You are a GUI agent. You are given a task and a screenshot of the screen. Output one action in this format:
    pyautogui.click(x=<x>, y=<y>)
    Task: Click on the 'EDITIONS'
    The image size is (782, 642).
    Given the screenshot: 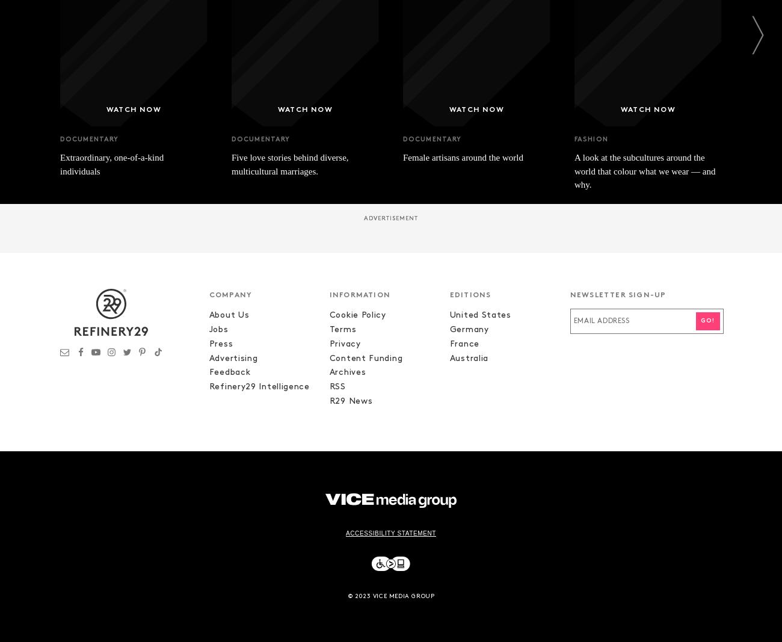 What is the action you would take?
    pyautogui.click(x=469, y=294)
    